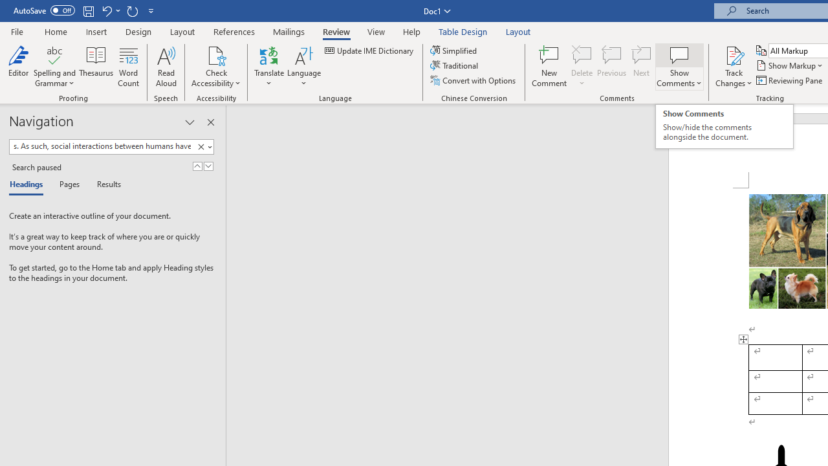 The height and width of the screenshot is (466, 828). I want to click on 'Update IME Dictionary...', so click(369, 50).